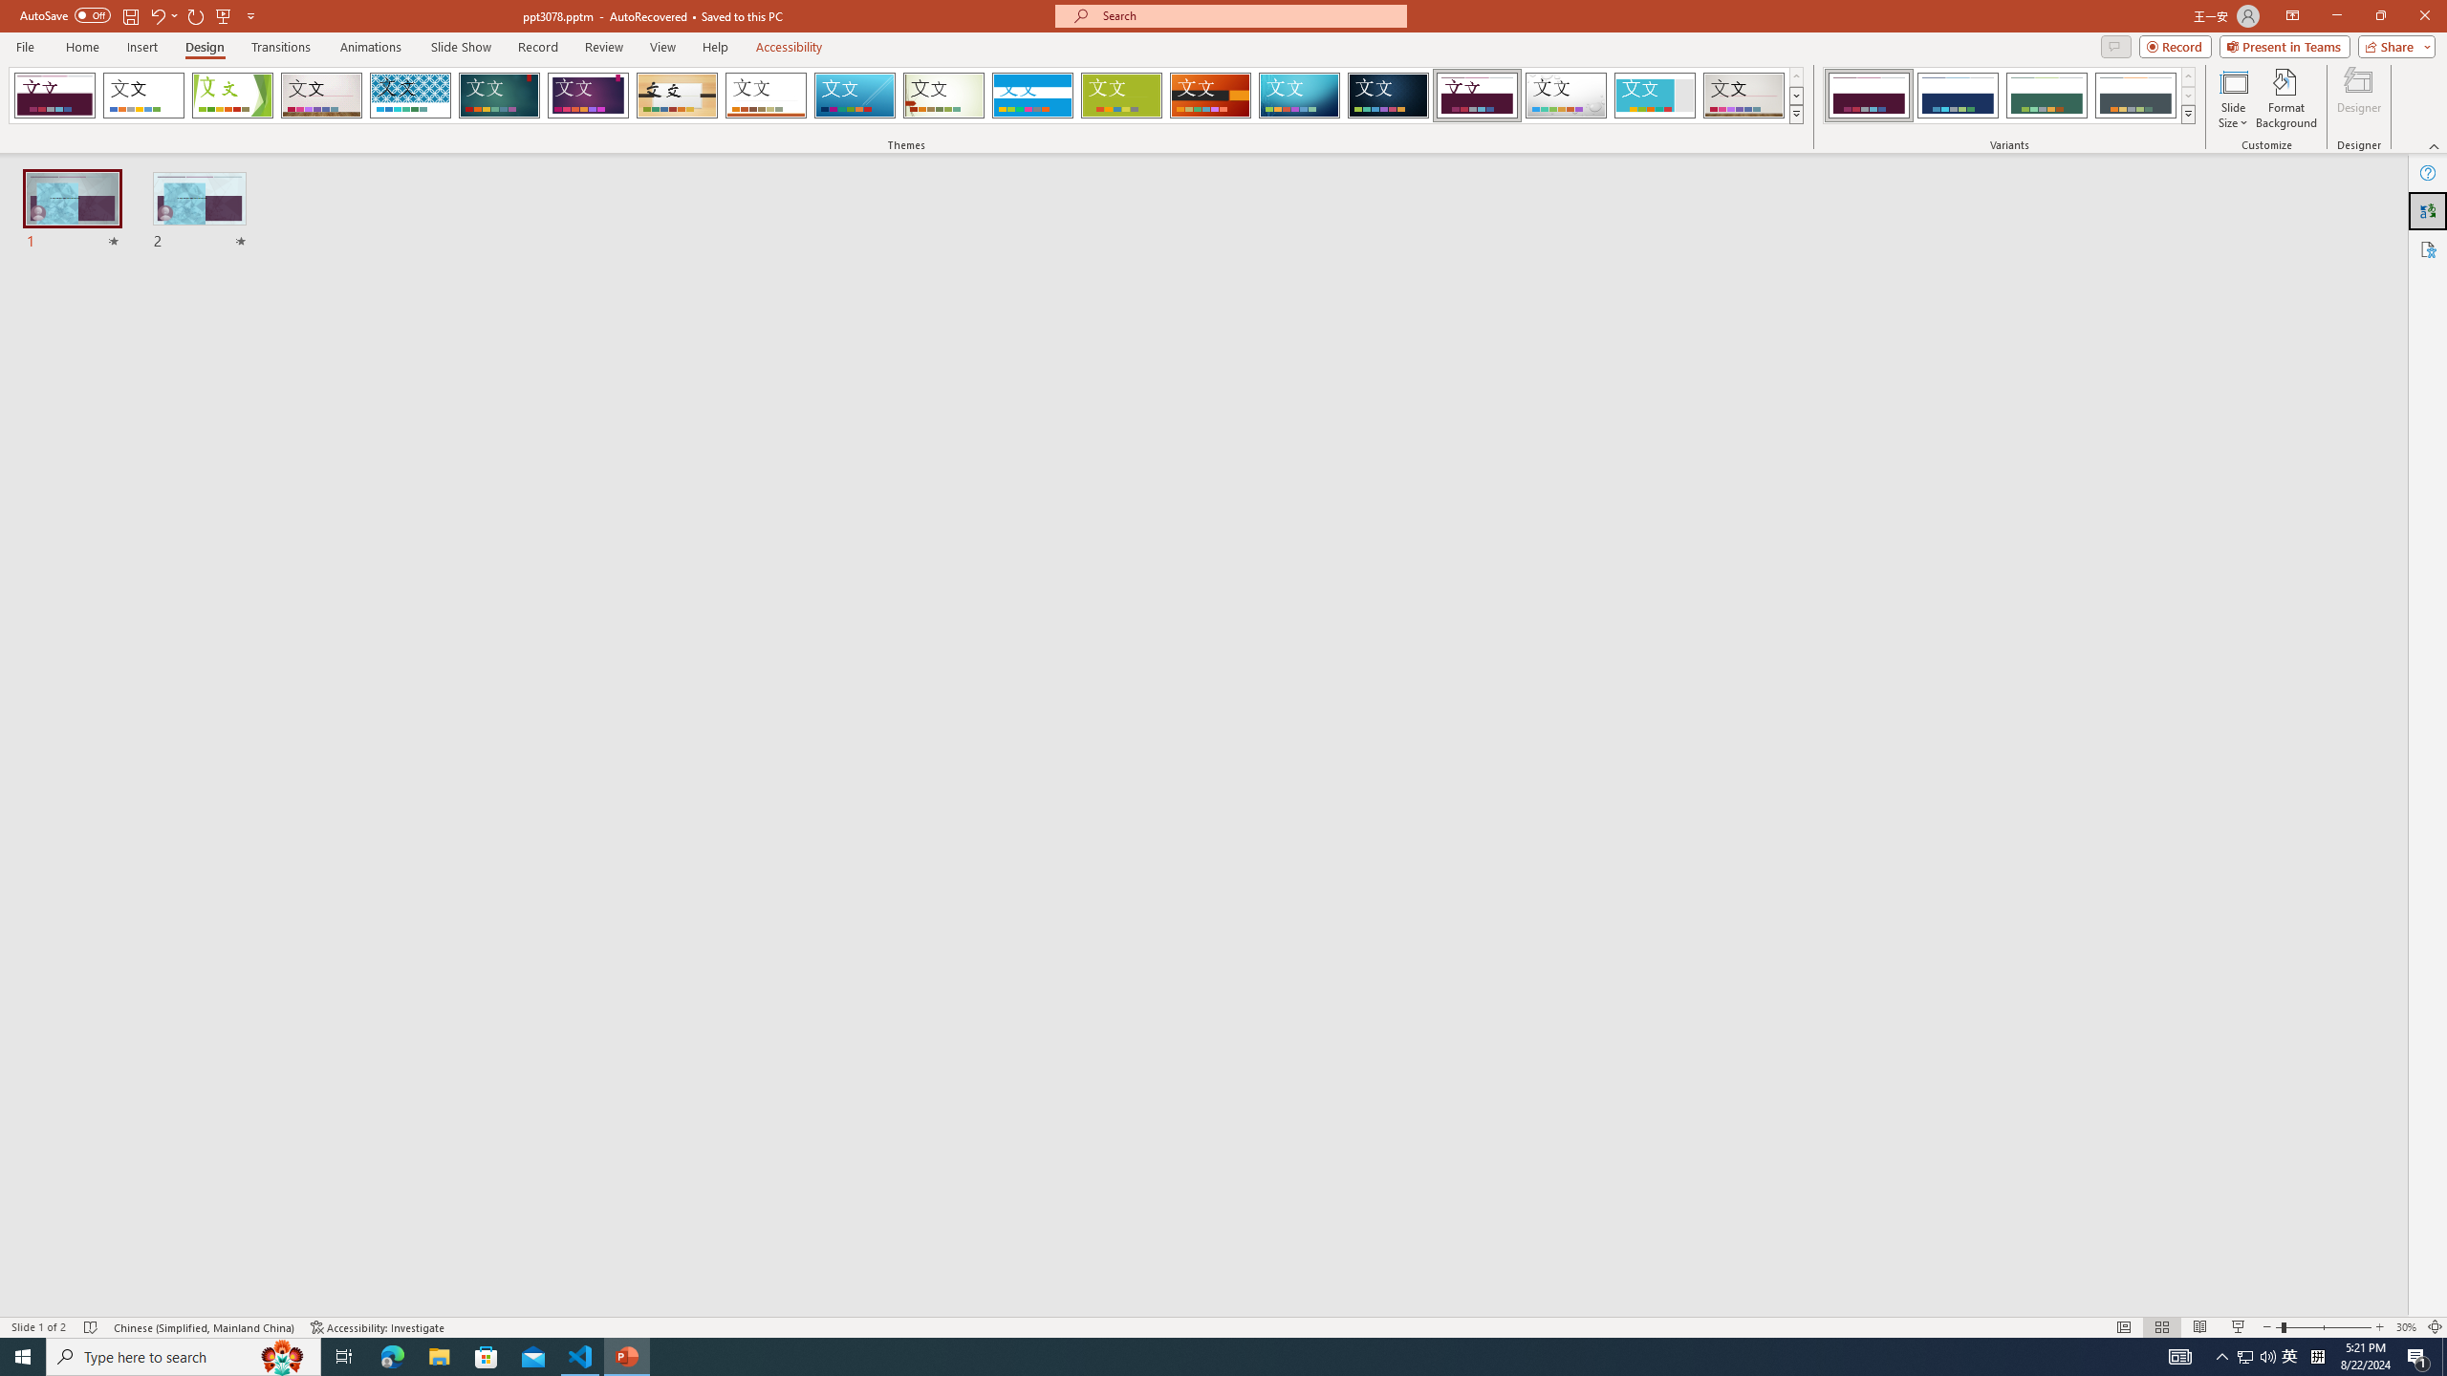  I want to click on 'Zoom 30%', so click(2405, 1327).